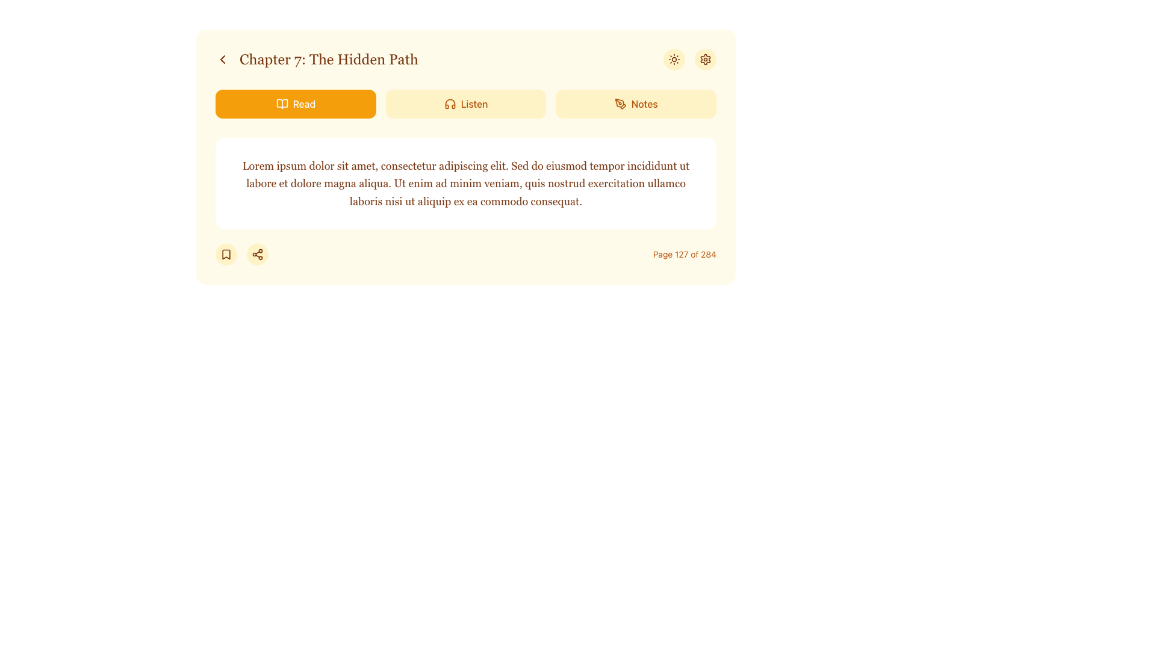  Describe the element at coordinates (226, 253) in the screenshot. I see `the bookmark button located at the bottom-right section of the text card` at that location.